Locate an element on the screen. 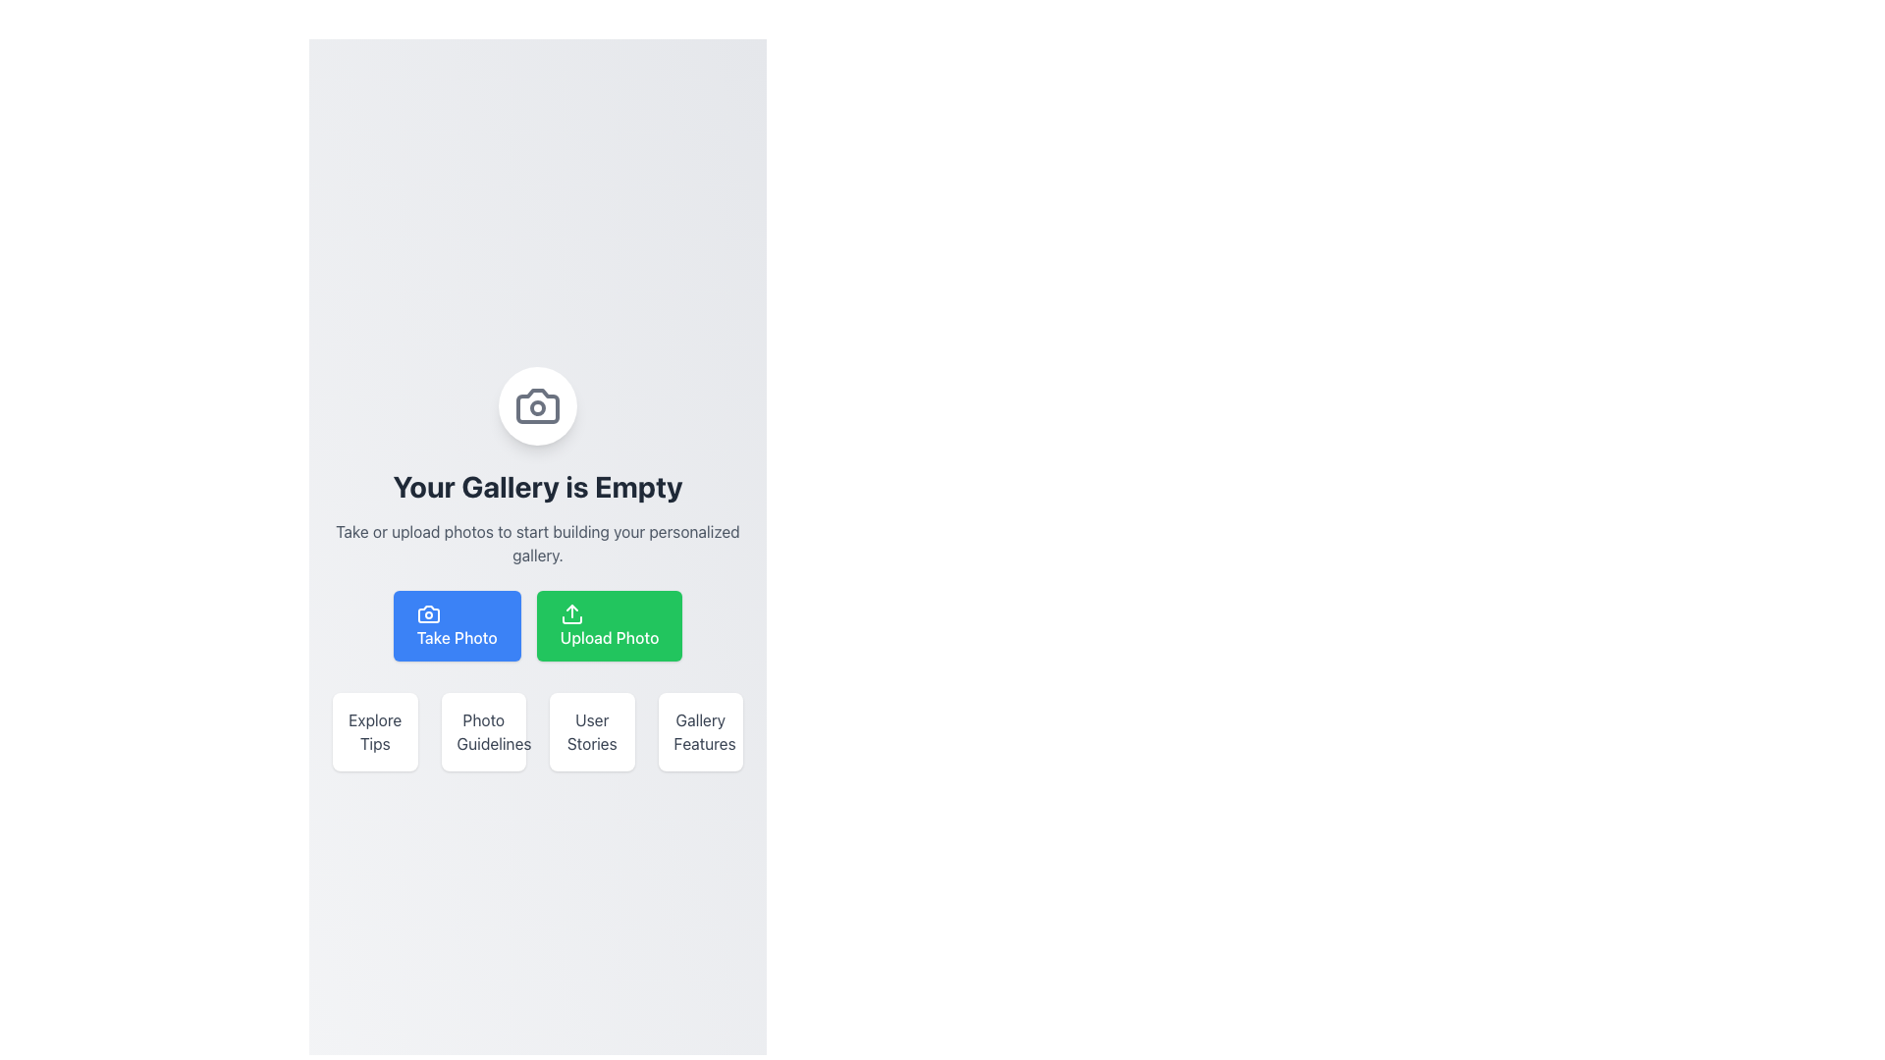  the text label stating 'Take or upload photos to start building your personalized gallery.' which is located below 'Your Gallery is Empty' and above the buttons 'Take Photo' and 'Upload Photo' is located at coordinates (537, 544).